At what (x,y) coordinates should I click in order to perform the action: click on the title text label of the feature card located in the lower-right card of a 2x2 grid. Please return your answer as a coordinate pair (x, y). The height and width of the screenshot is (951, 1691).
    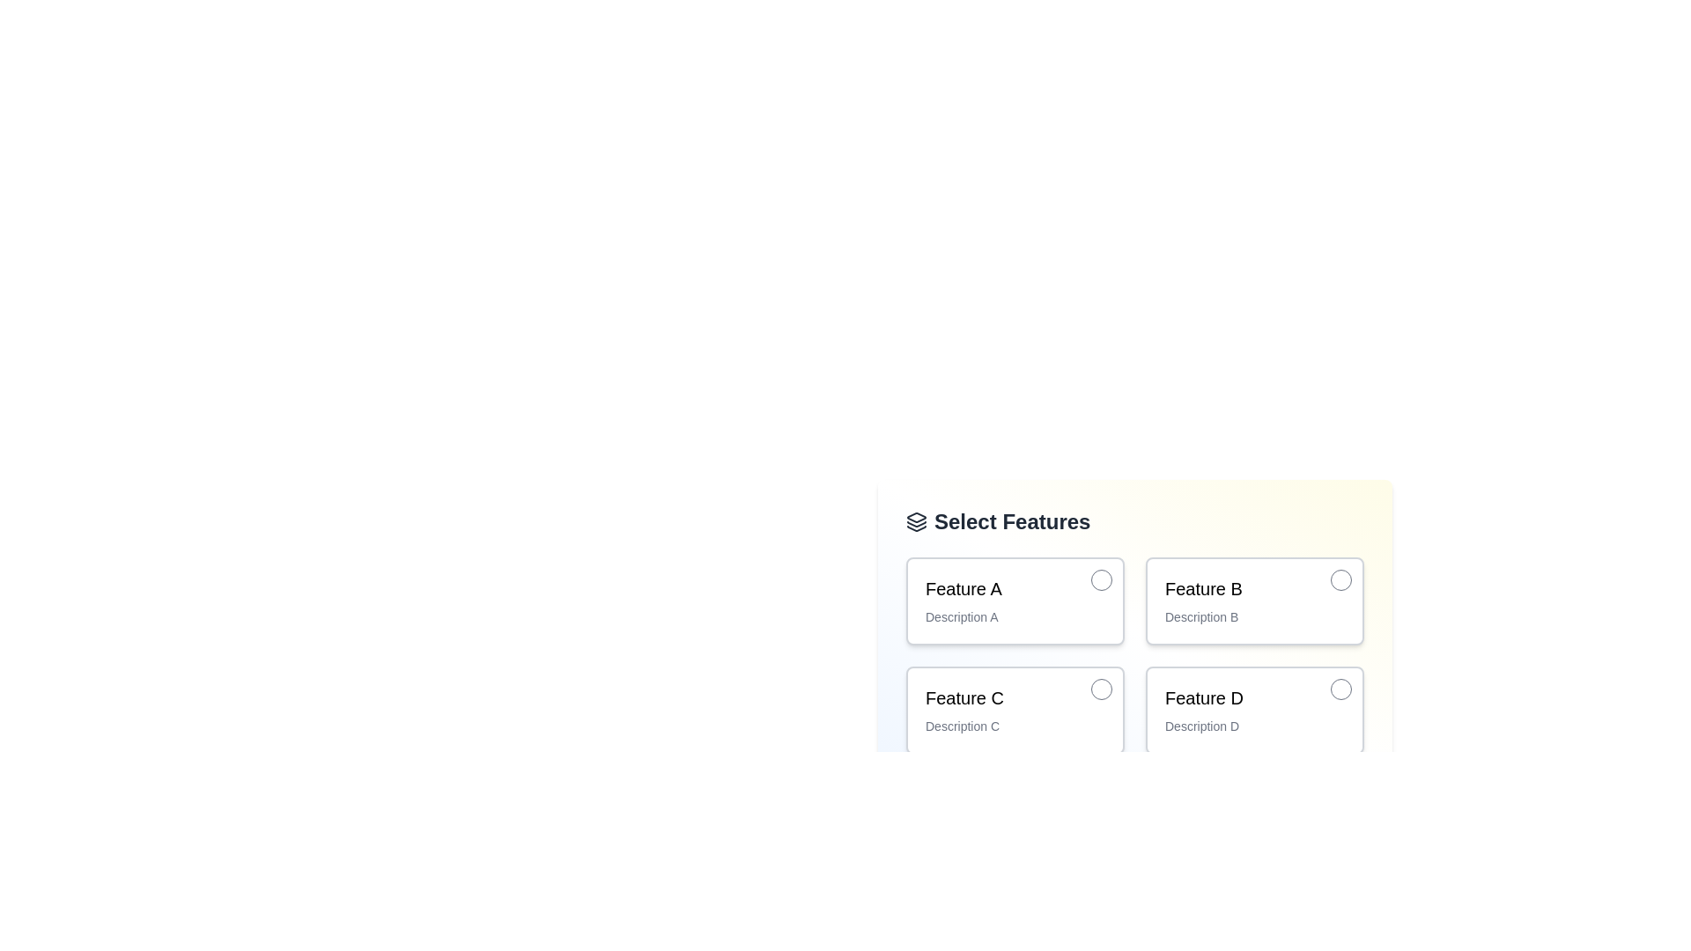
    Looking at the image, I should click on (1254, 697).